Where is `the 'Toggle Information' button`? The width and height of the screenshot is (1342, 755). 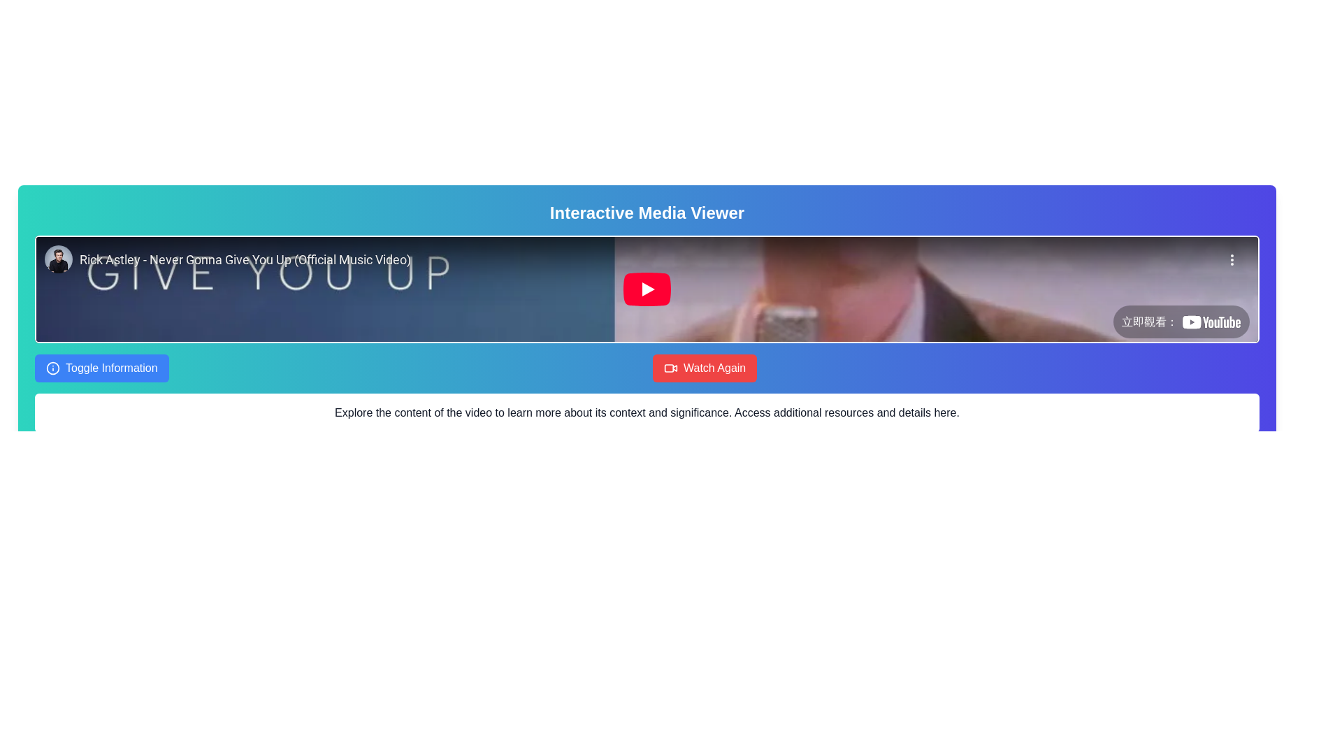
the 'Toggle Information' button is located at coordinates (101, 368).